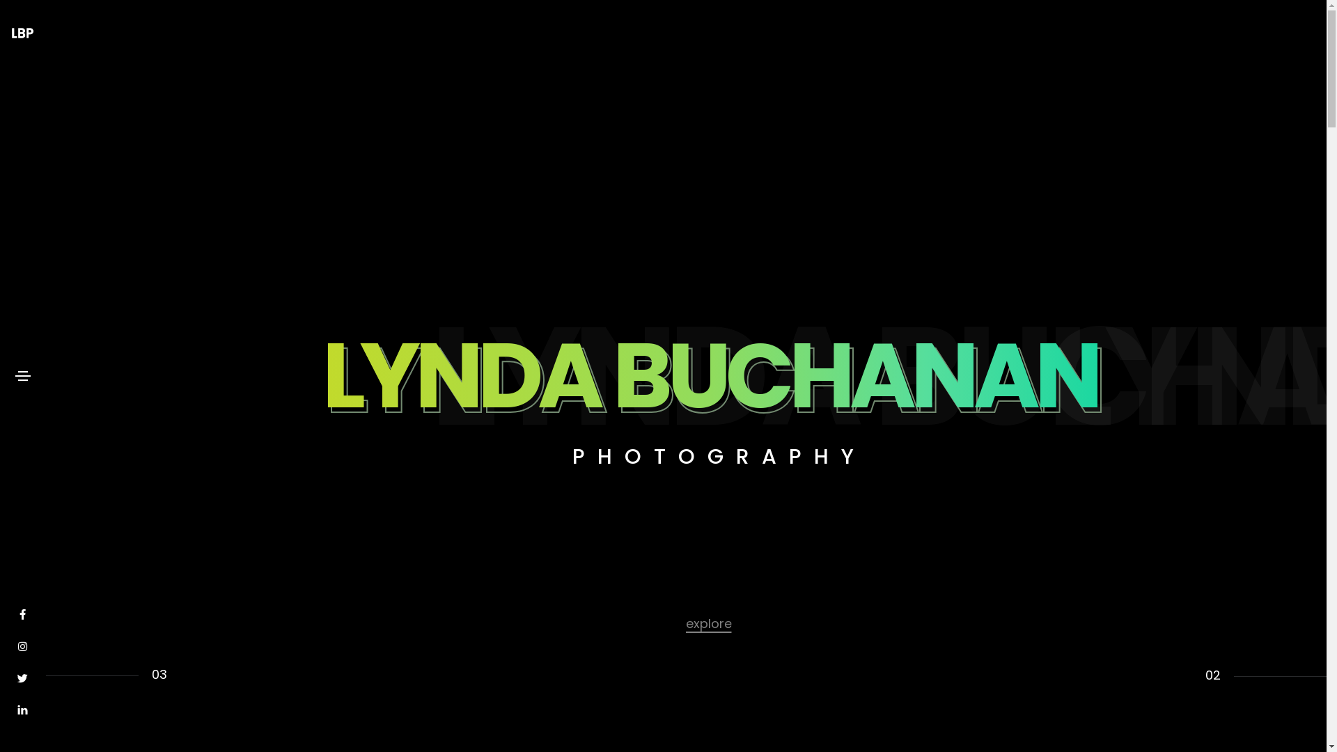 This screenshot has height=752, width=1337. What do you see at coordinates (708, 622) in the screenshot?
I see `'explore'` at bounding box center [708, 622].